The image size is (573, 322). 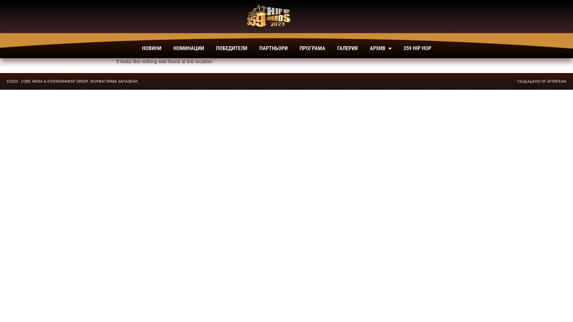 I want to click on '359 HIP HOP', so click(x=417, y=48).